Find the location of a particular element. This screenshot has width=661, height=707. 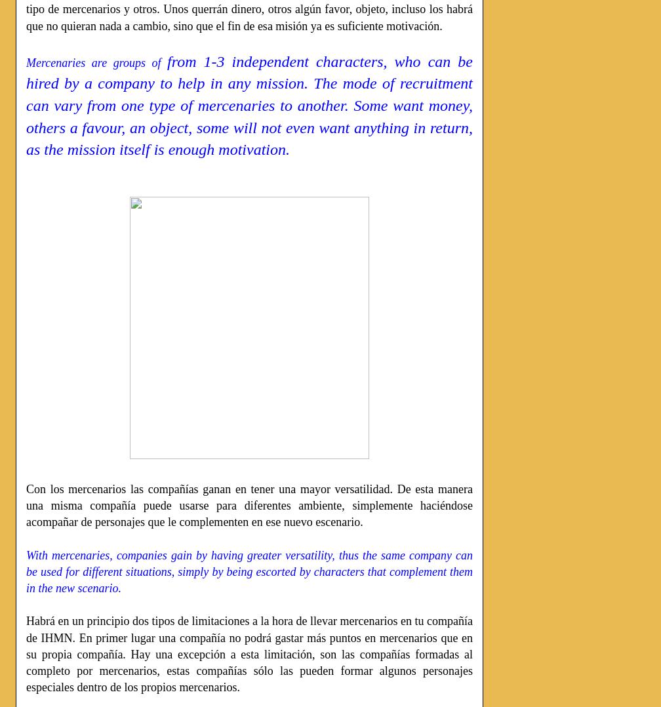

'With mercenaries, companies gain by having greater versatility, thus the same company can be used for different situations, simply by being escorted by characters that complement them in the new scenario.' is located at coordinates (249, 571).